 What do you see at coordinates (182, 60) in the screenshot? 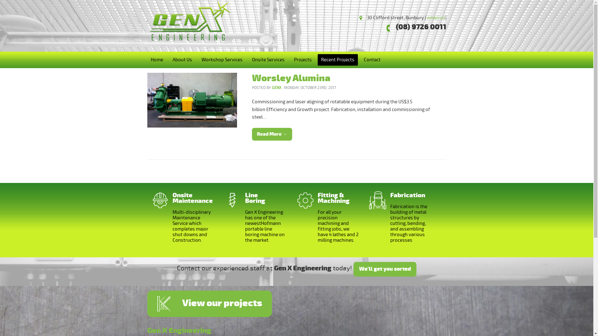
I see `'About Us'` at bounding box center [182, 60].